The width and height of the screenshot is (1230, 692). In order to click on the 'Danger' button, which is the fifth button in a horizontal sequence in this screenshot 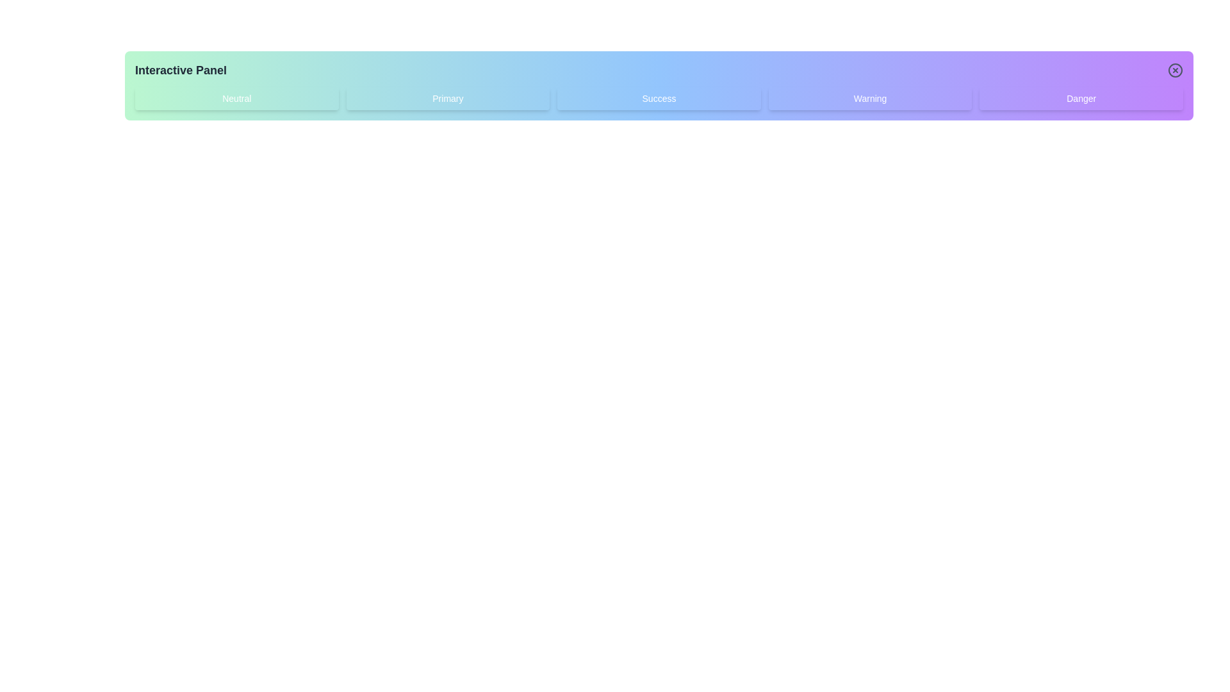, I will do `click(1081, 98)`.